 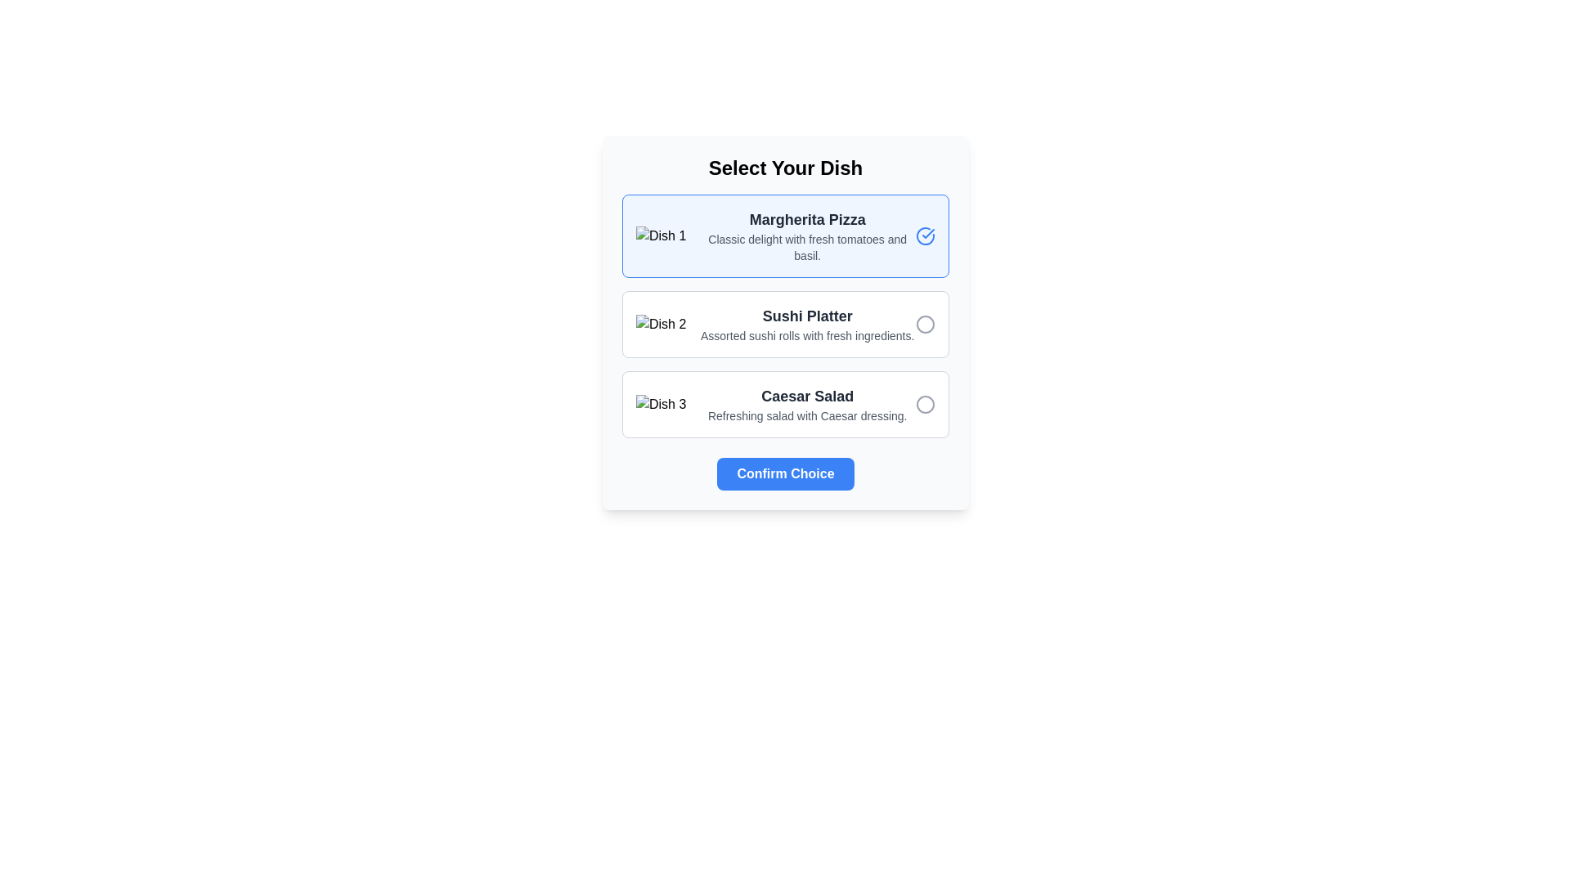 What do you see at coordinates (807, 316) in the screenshot?
I see `the text label for the dish 'Sushi Platter', which serves as a header identifying the associated dish in the vertical list layout` at bounding box center [807, 316].